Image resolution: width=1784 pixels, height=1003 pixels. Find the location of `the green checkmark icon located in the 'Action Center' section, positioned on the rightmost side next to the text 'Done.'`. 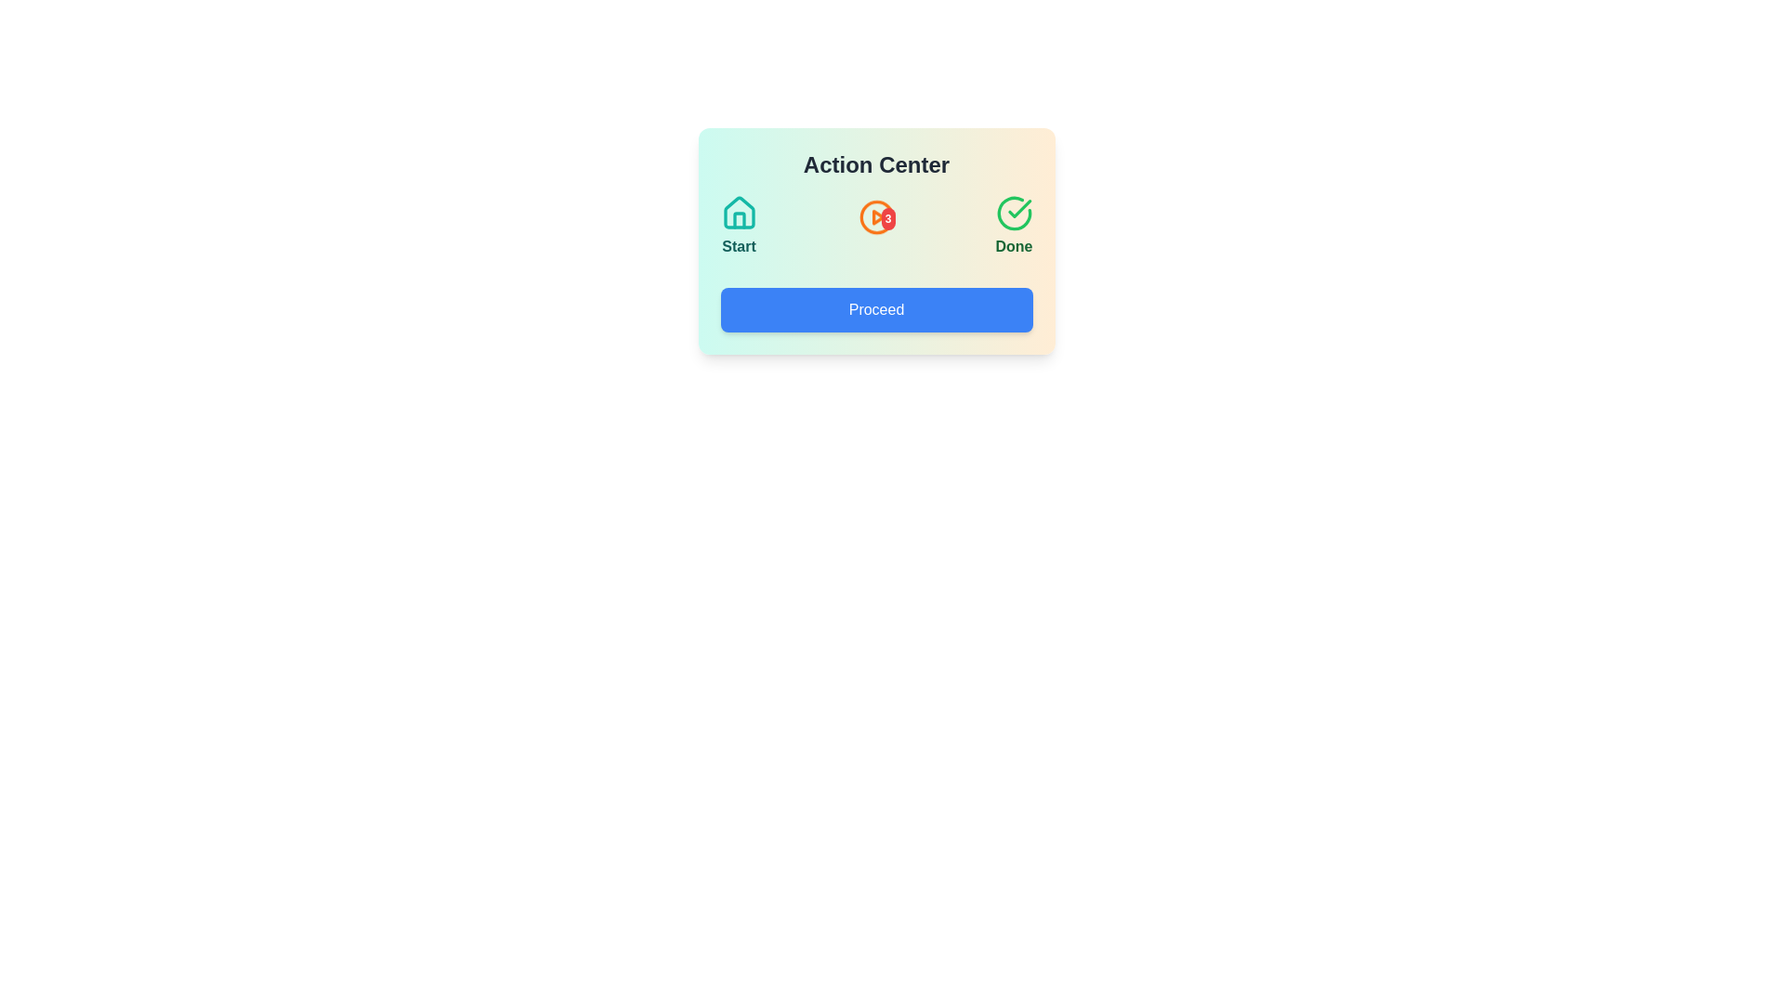

the green checkmark icon located in the 'Action Center' section, positioned on the rightmost side next to the text 'Done.' is located at coordinates (1018, 208).